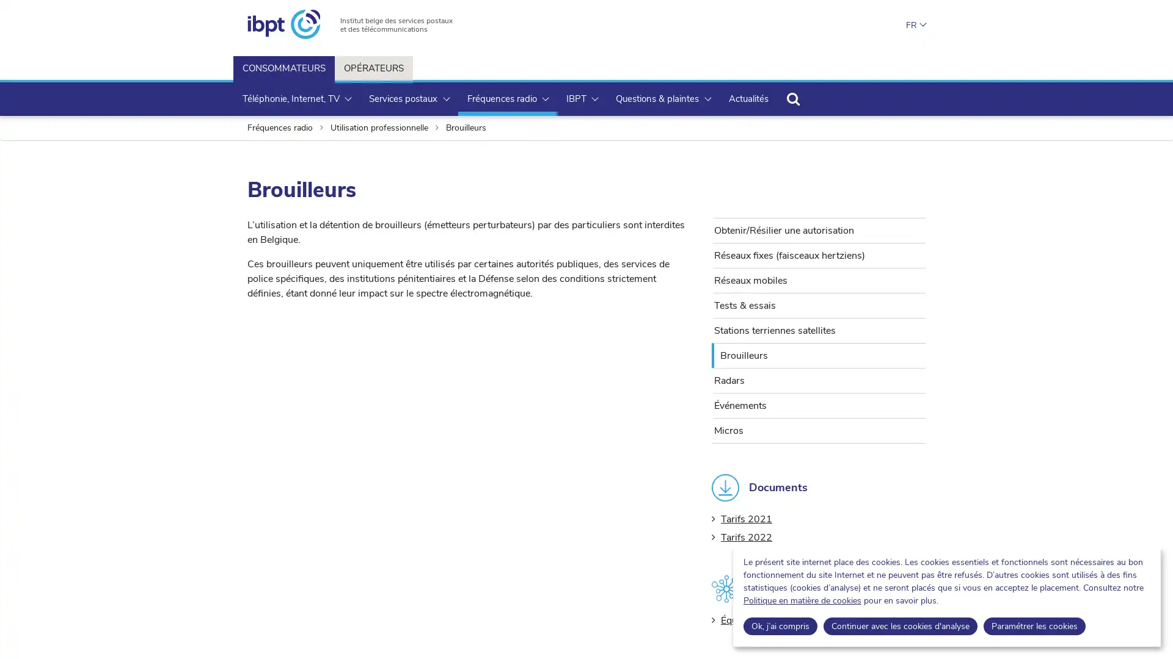 This screenshot has height=659, width=1173. Describe the element at coordinates (662, 98) in the screenshot. I see `Questions & plaintes` at that location.